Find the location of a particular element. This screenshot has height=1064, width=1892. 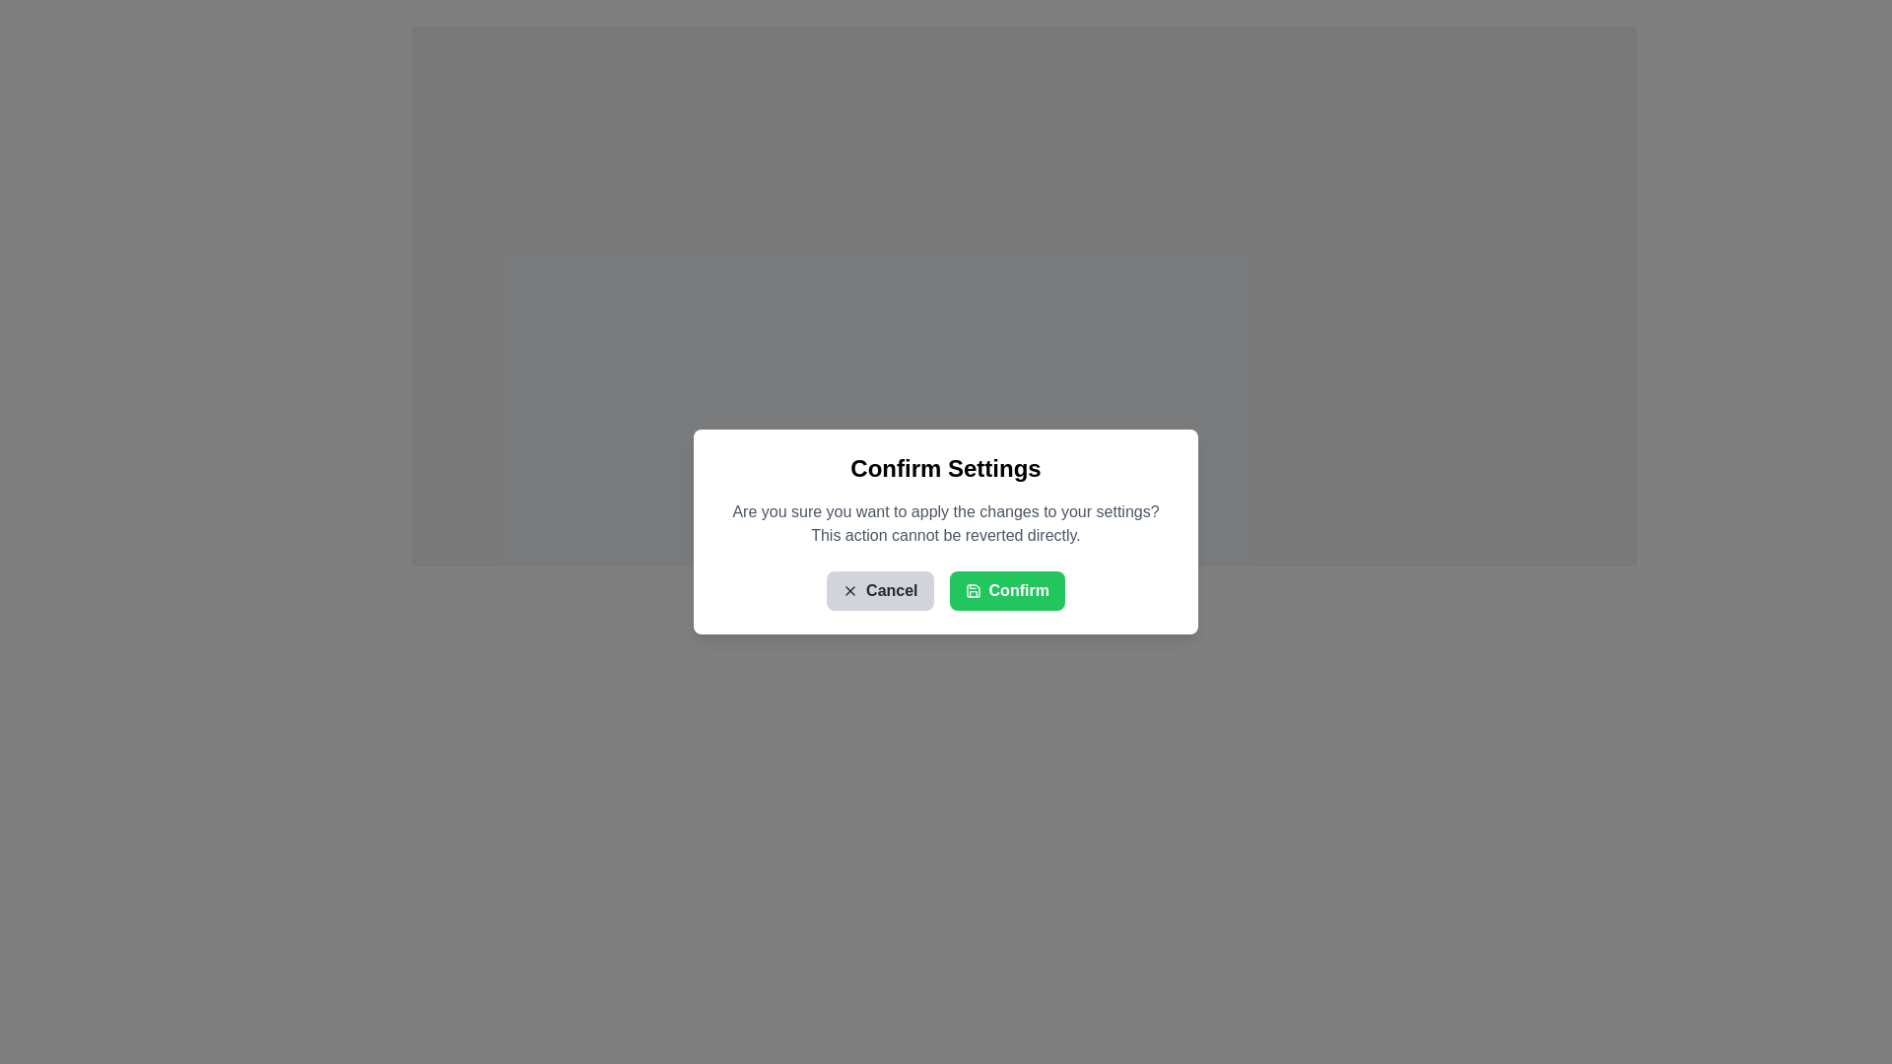

the settings icon located inside the 'Open Settings Panel' button, positioned to the left of the text and centered vertically within the button is located at coordinates (944, 559).